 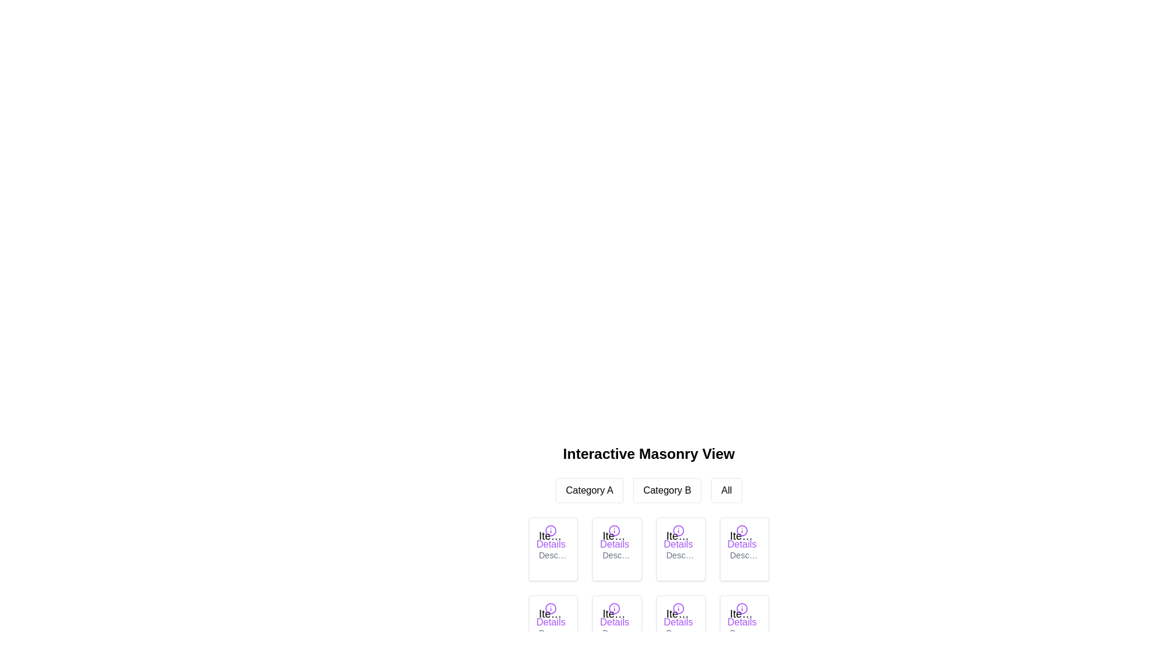 What do you see at coordinates (743, 614) in the screenshot?
I see `the title text element located at the top of the item card in the 'Interactive Masonry View' section` at bounding box center [743, 614].